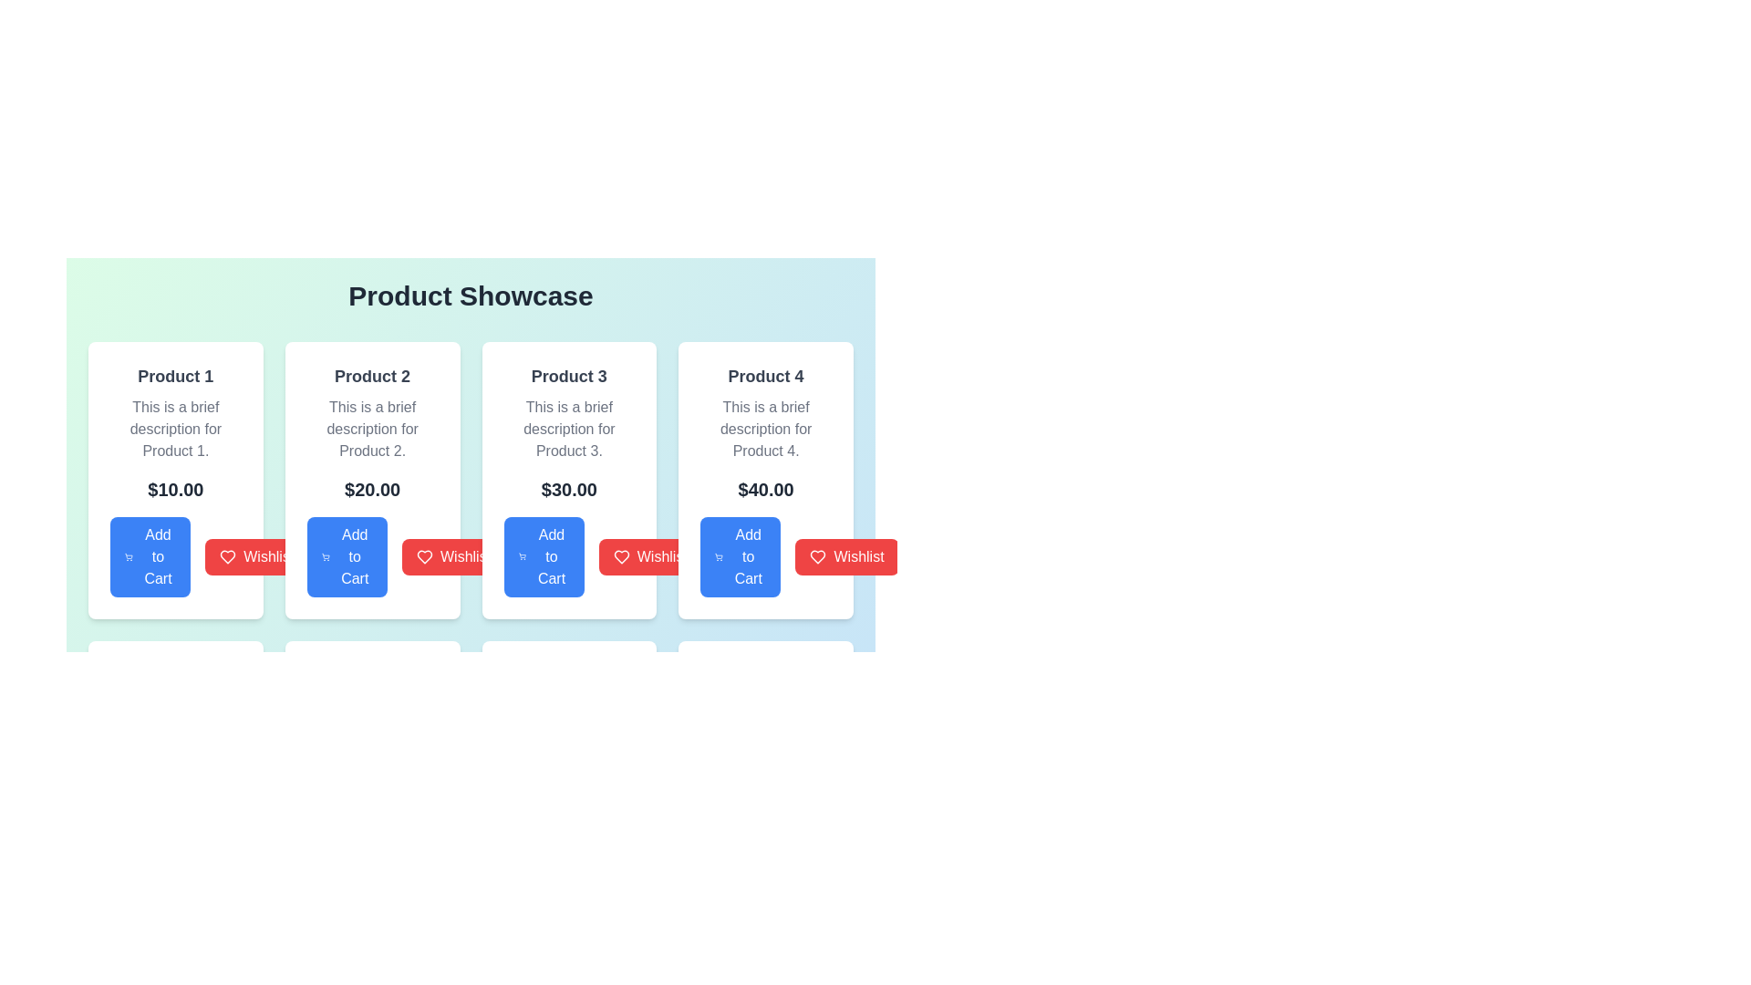 This screenshot has width=1751, height=985. I want to click on the button that contains the text label indicating the purpose of adding a product to the shopping cart, located below the third product card in a horizontal list, so click(550, 555).